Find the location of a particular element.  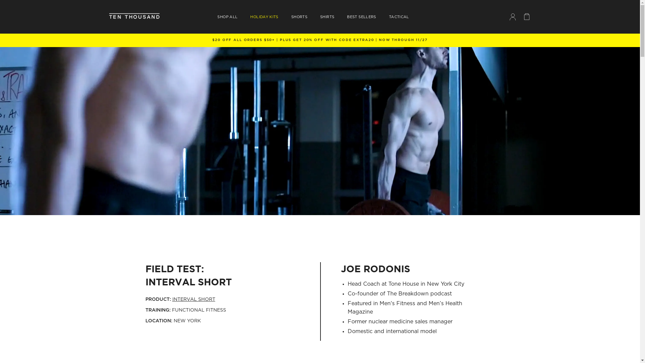

'FREE SHIPPING ON ORDERS $150+' is located at coordinates (319, 40).